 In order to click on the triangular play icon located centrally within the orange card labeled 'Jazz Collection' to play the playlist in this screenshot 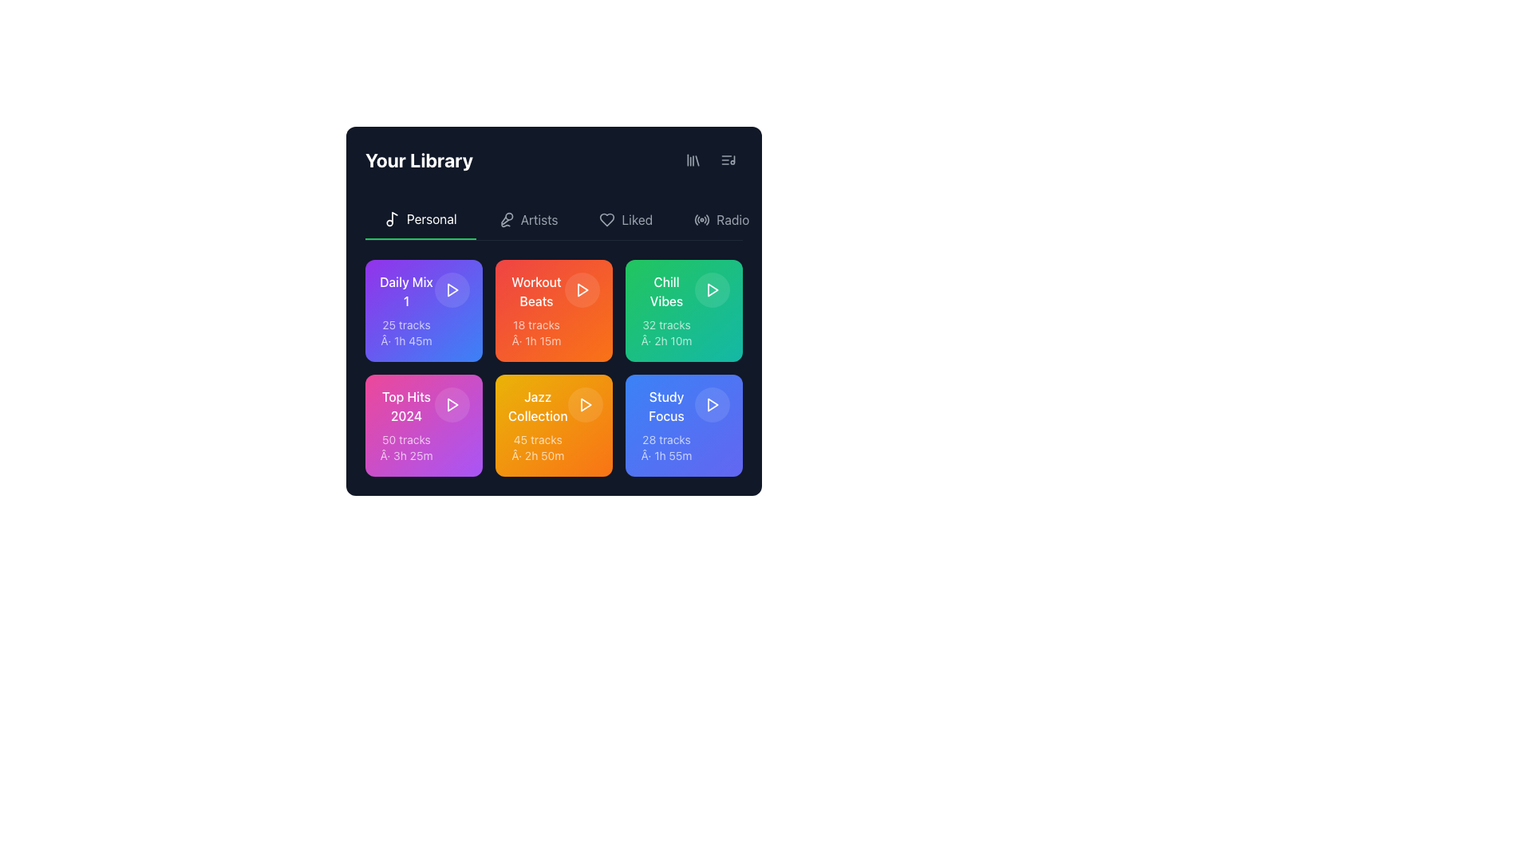, I will do `click(584, 404)`.